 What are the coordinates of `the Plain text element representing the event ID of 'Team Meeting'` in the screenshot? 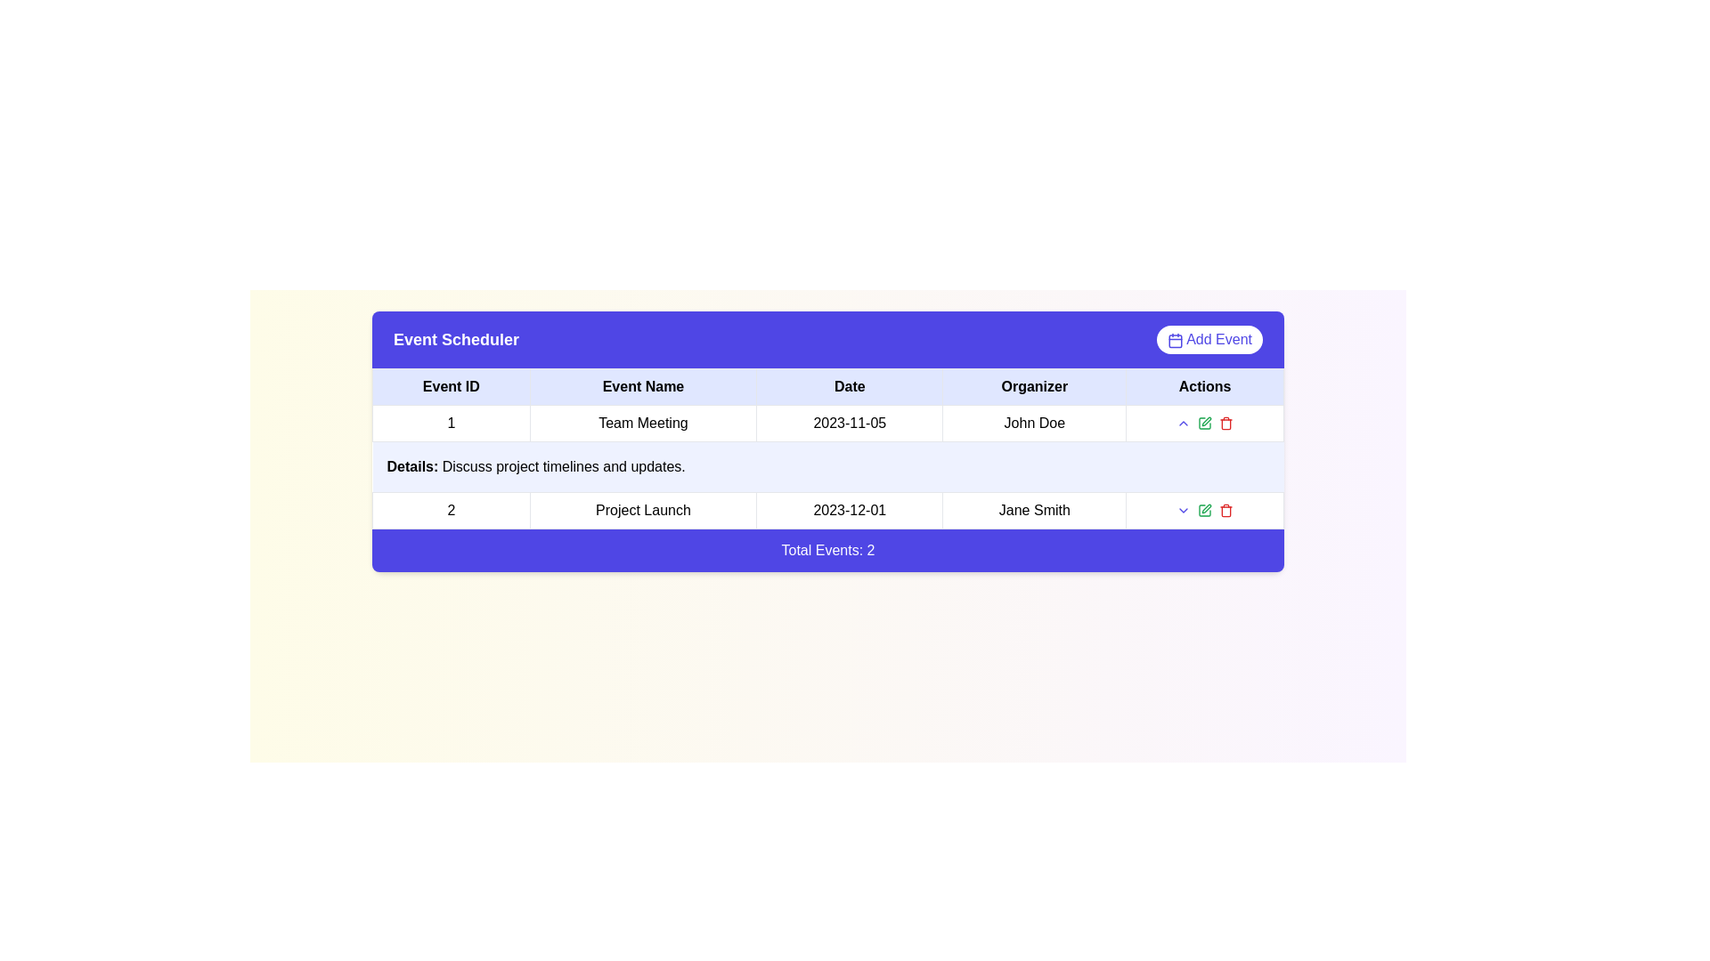 It's located at (451, 423).